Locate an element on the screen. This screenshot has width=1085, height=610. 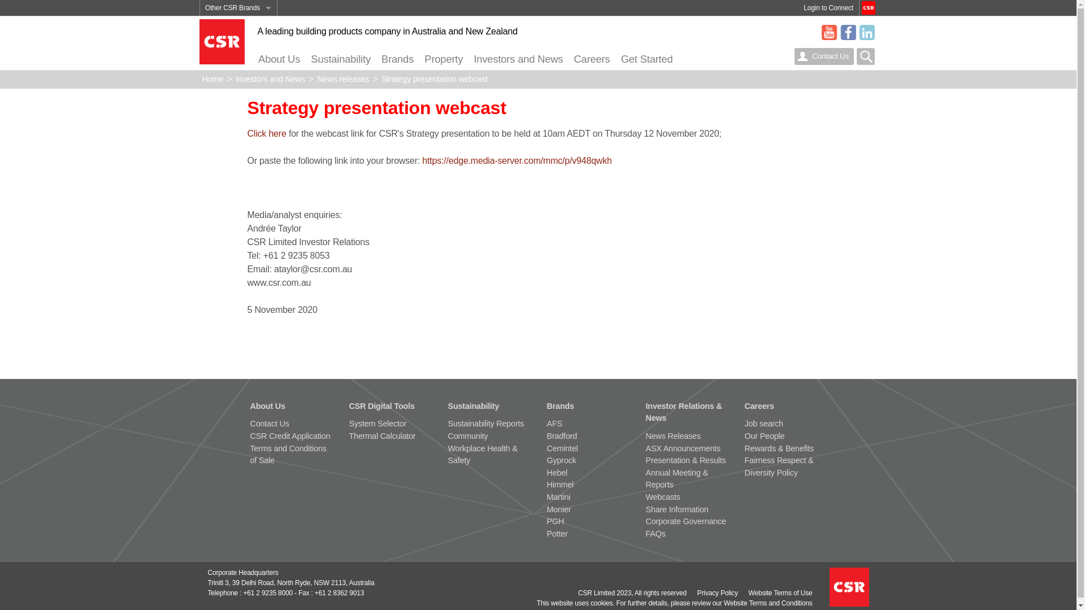
'About Us' is located at coordinates (249, 405).